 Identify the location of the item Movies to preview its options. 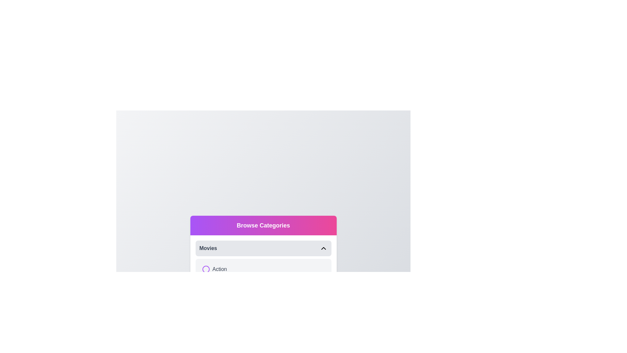
(263, 248).